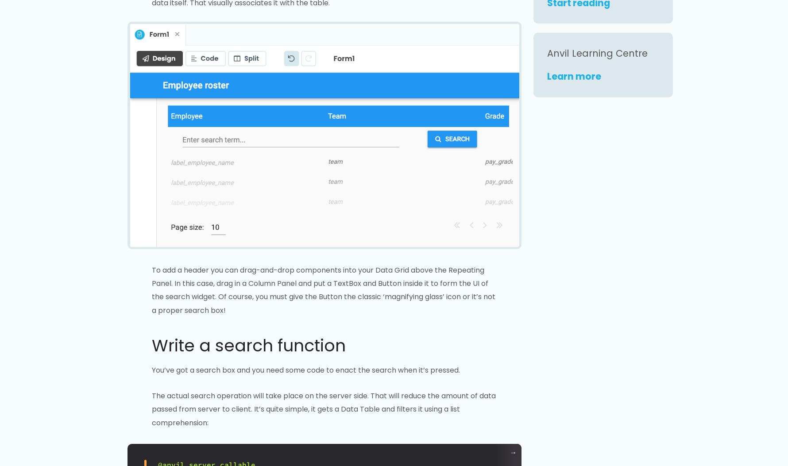  Describe the element at coordinates (276, 77) in the screenshot. I see `'Open in Anvil'` at that location.